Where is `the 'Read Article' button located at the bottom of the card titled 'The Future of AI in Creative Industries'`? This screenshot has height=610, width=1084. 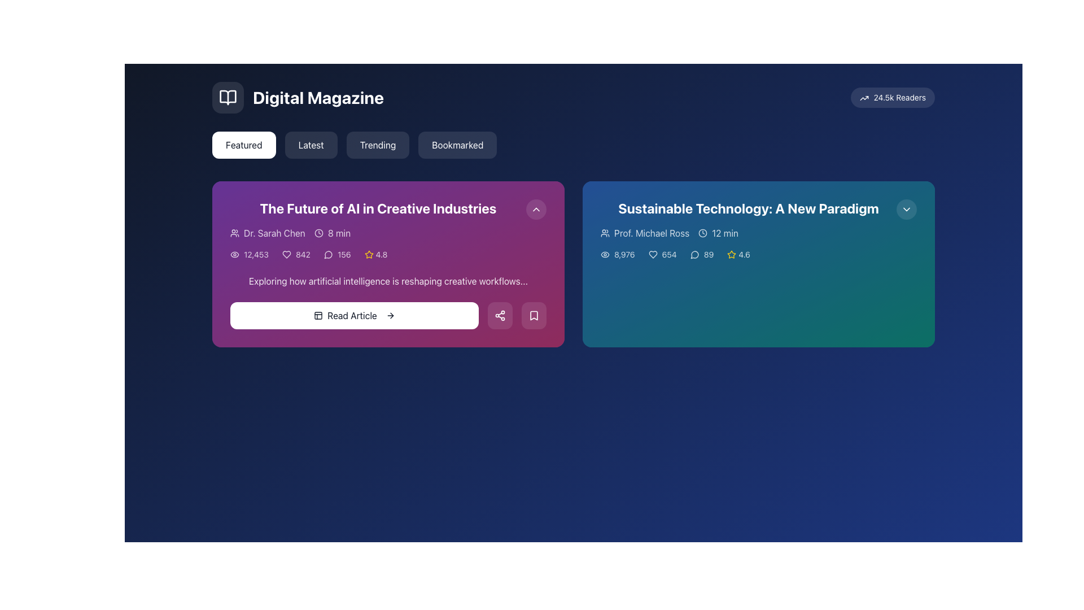
the 'Read Article' button located at the bottom of the card titled 'The Future of AI in Creative Industries' is located at coordinates (388, 316).